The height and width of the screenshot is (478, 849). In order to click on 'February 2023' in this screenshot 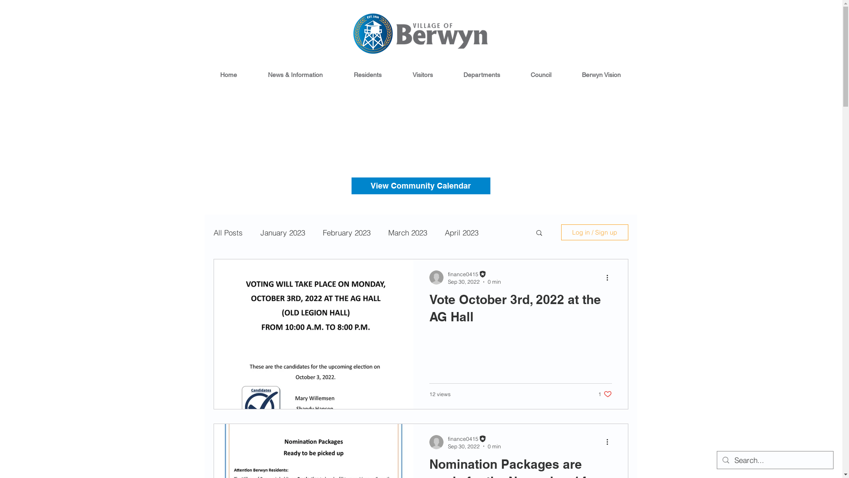, I will do `click(346, 231)`.